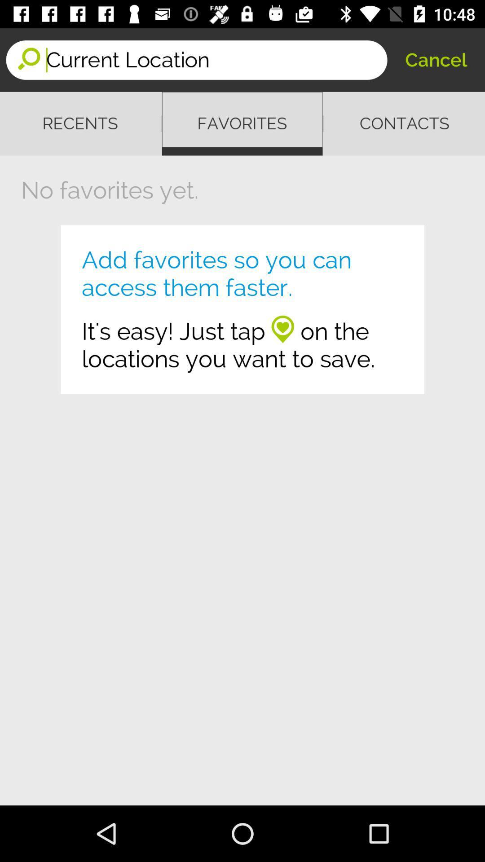 This screenshot has width=485, height=862. Describe the element at coordinates (216, 59) in the screenshot. I see `icon above recents item` at that location.